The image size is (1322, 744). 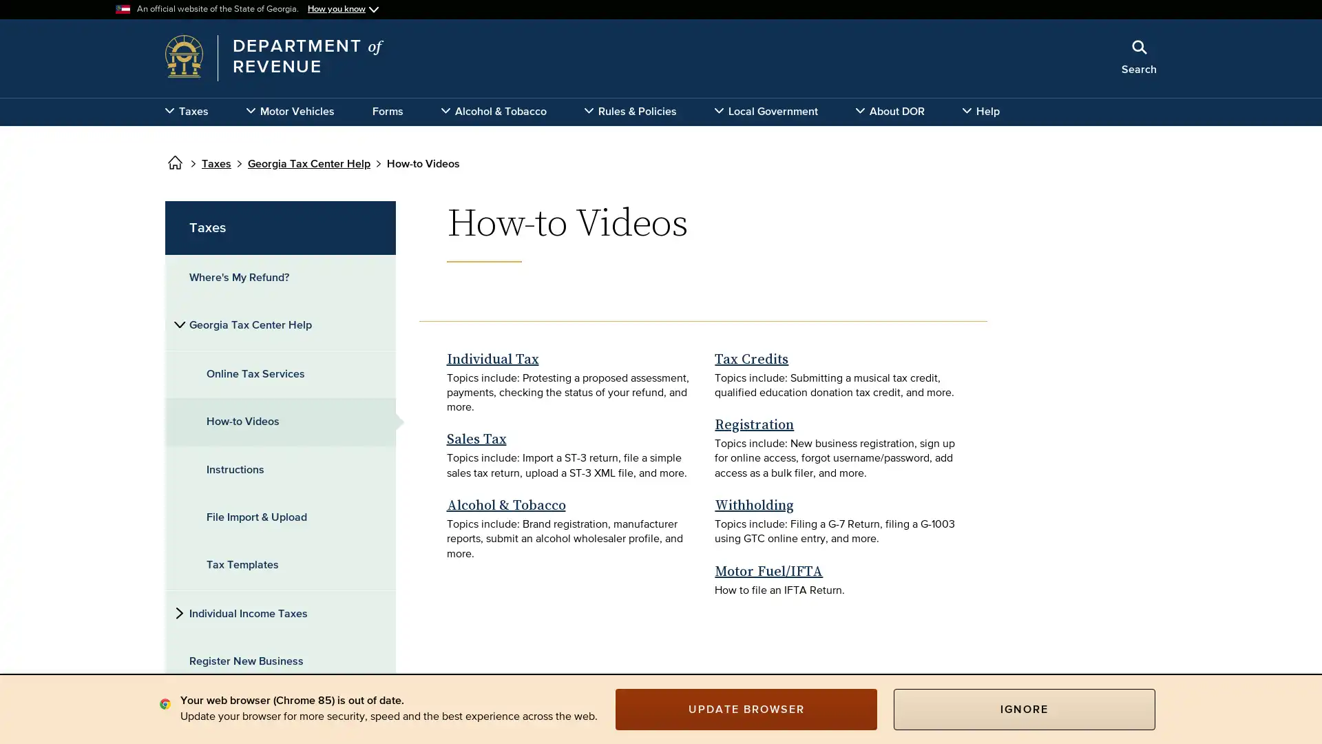 I want to click on Search, so click(x=1139, y=59).